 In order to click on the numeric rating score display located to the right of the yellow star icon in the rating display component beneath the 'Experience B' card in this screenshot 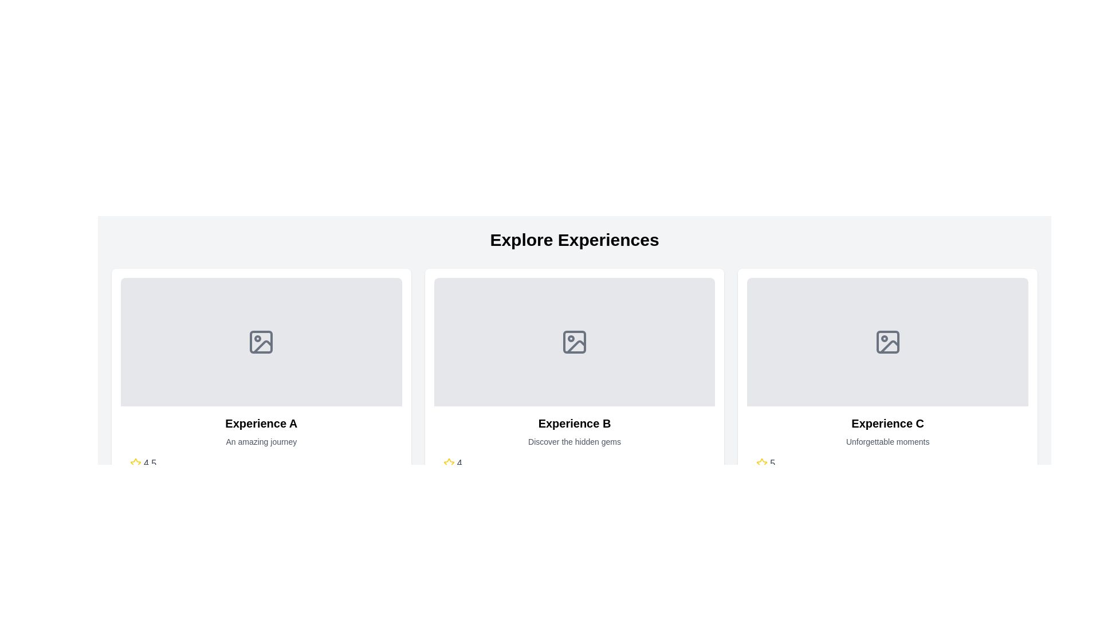, I will do `click(459, 463)`.